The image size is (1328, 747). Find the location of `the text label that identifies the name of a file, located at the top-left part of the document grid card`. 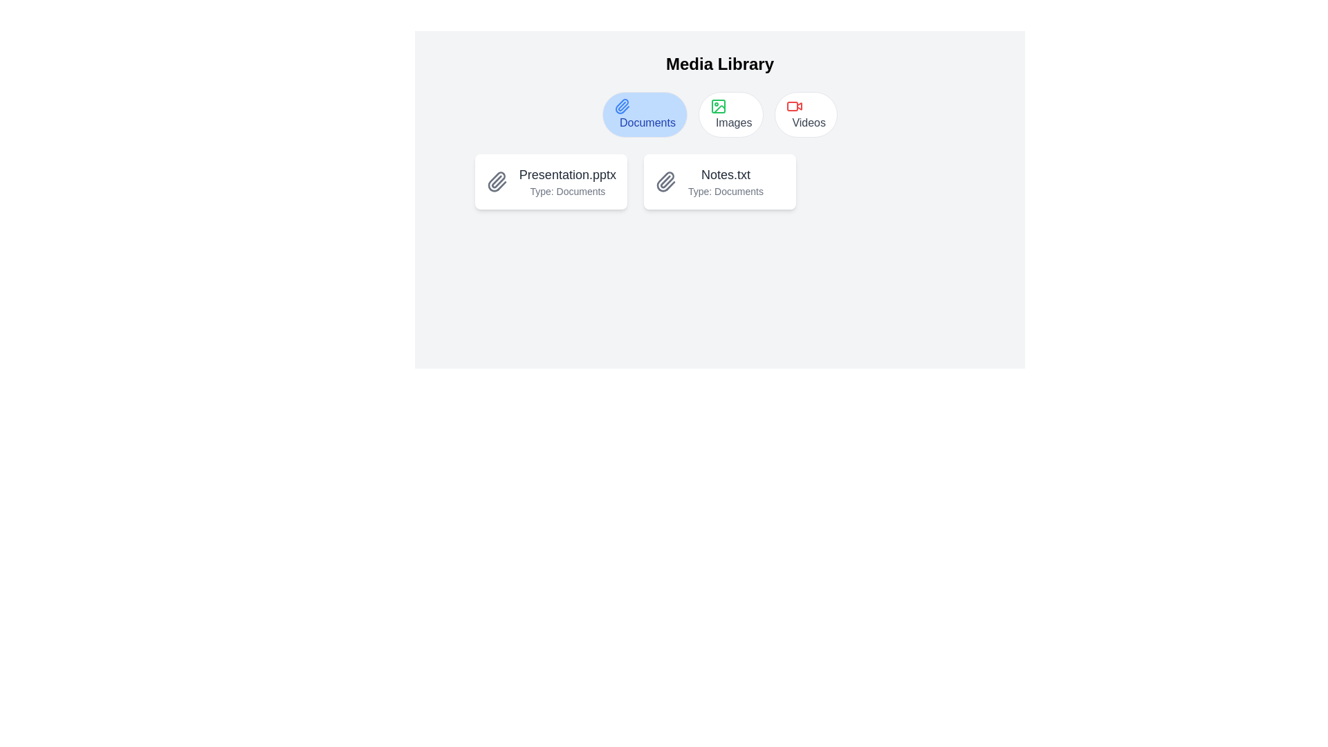

the text label that identifies the name of a file, located at the top-left part of the document grid card is located at coordinates (567, 174).